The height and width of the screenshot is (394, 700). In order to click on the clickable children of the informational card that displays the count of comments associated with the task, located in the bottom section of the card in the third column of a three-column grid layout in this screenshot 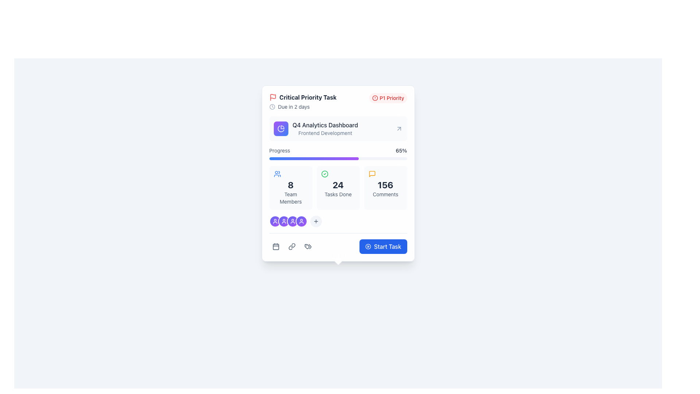, I will do `click(385, 188)`.